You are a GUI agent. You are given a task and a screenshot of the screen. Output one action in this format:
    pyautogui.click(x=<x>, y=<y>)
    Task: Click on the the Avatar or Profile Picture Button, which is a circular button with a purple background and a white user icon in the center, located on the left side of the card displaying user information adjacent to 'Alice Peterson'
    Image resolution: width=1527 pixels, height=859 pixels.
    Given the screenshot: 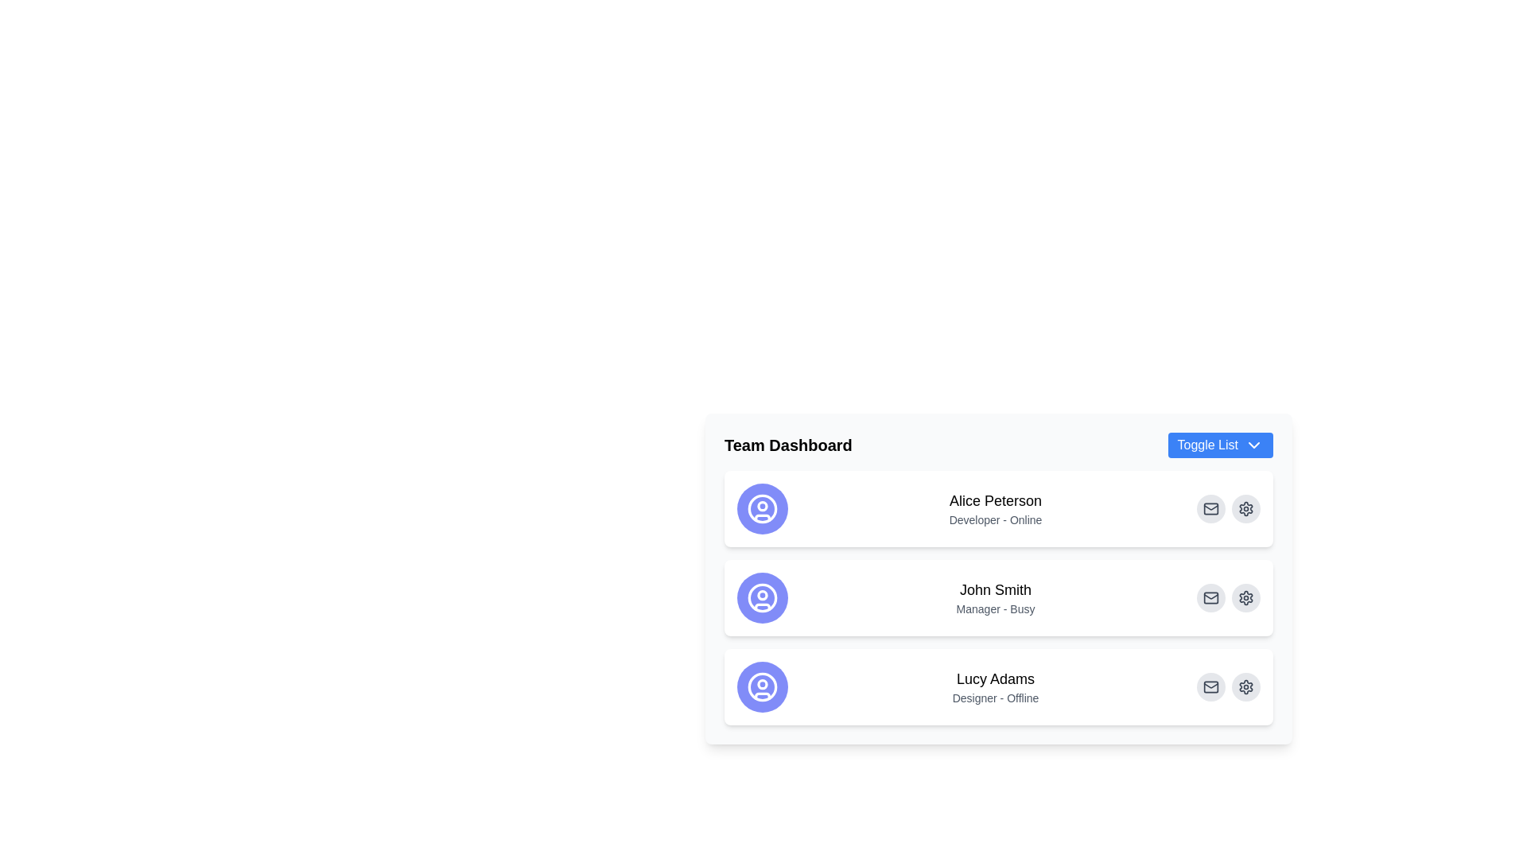 What is the action you would take?
    pyautogui.click(x=762, y=509)
    